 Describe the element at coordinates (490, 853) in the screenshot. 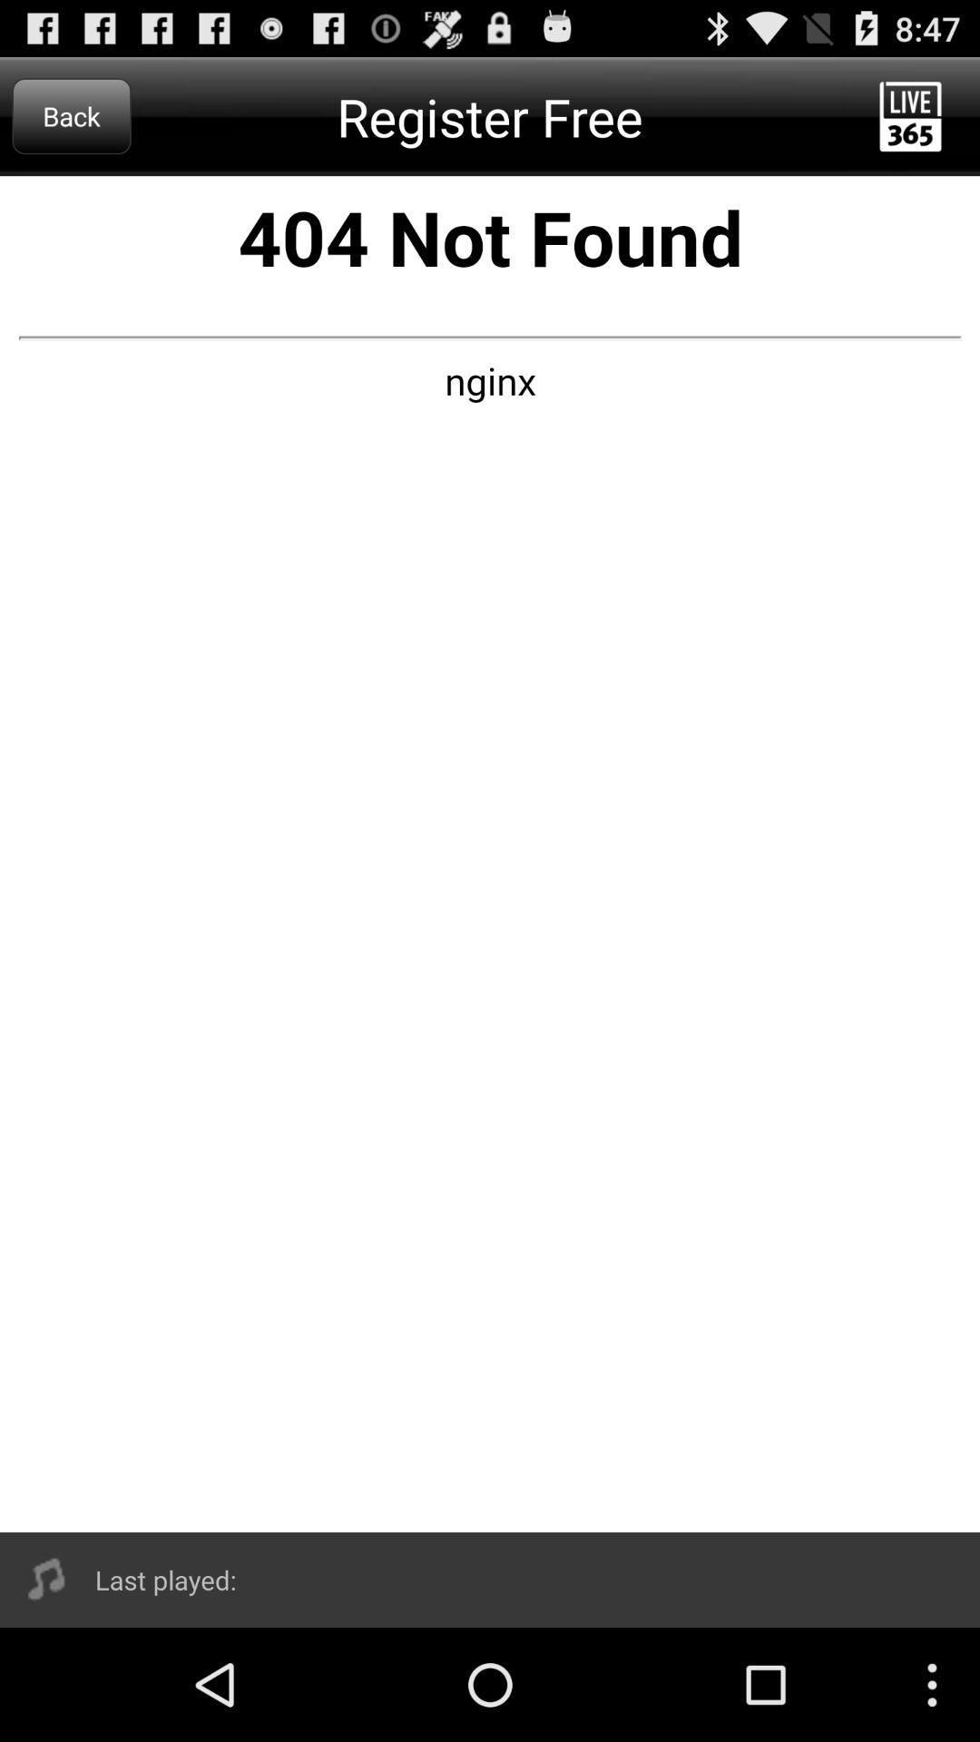

I see `advertisememt` at that location.